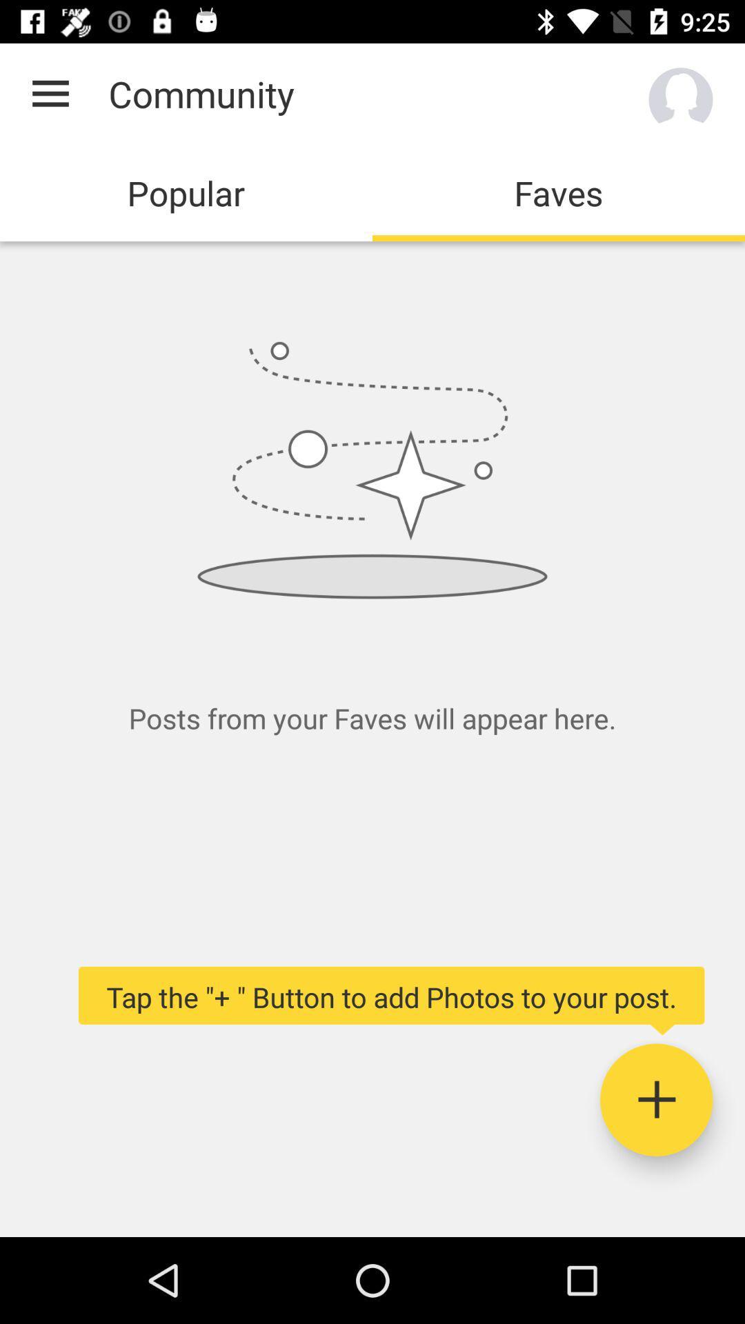  Describe the element at coordinates (655, 1099) in the screenshot. I see `the icon below tap the button` at that location.